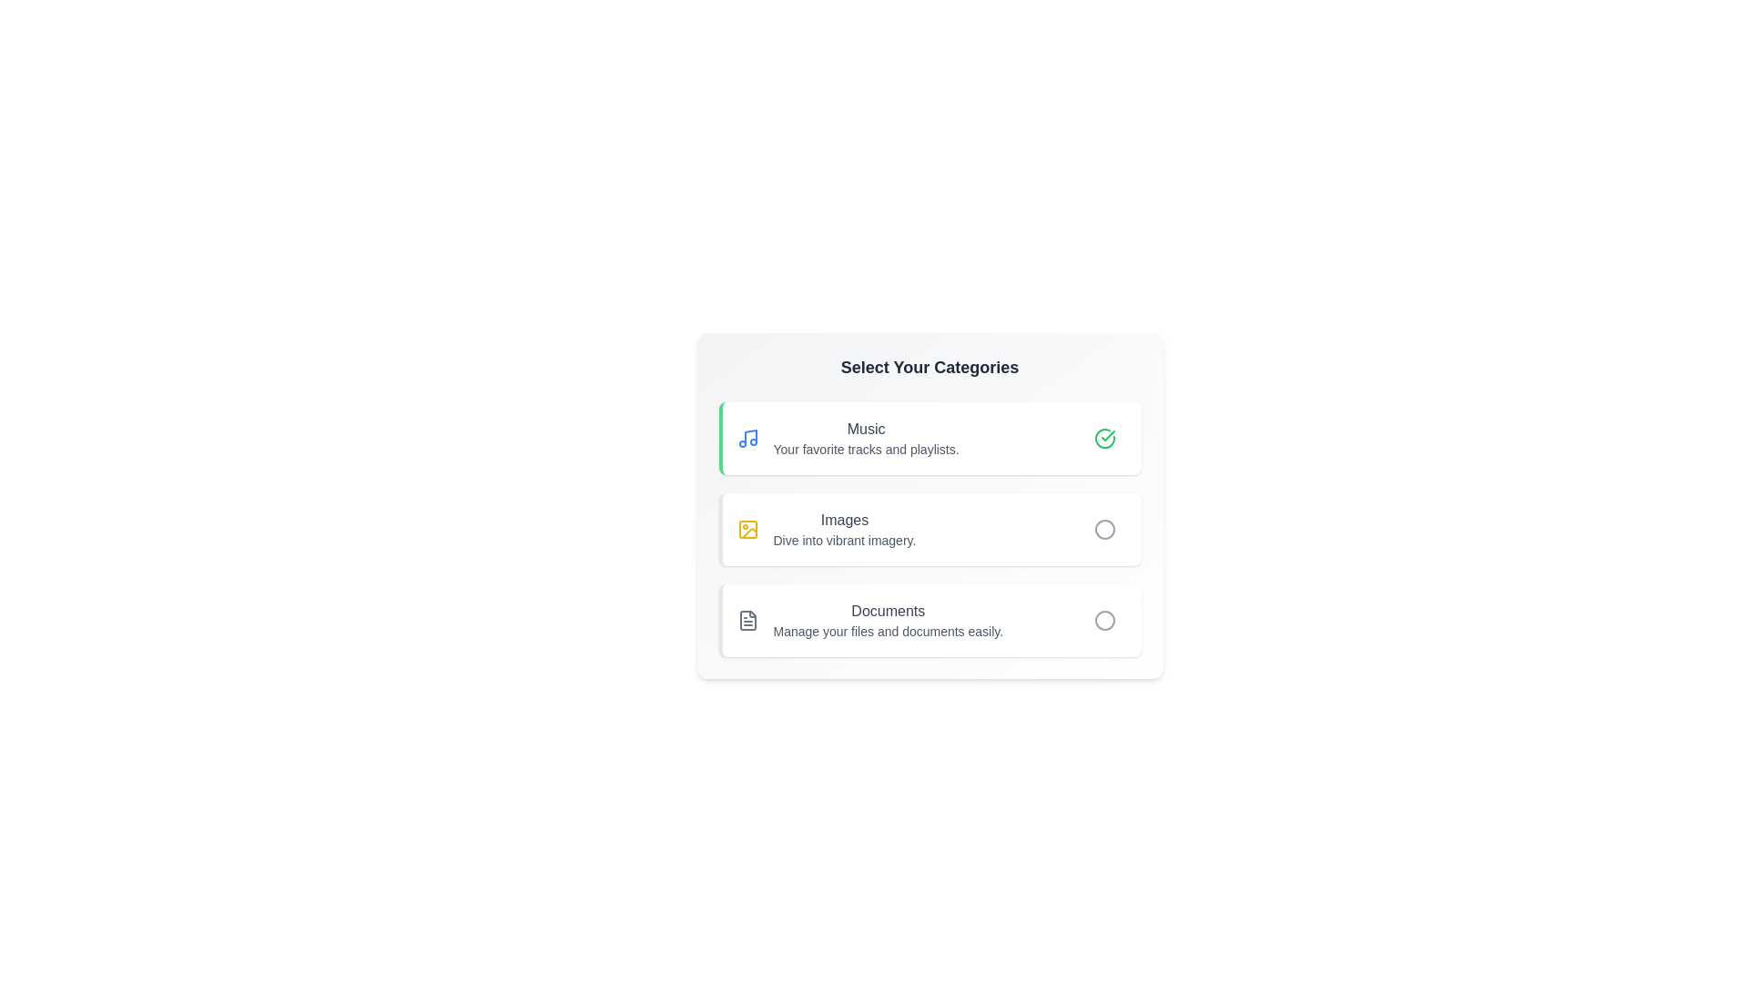 The width and height of the screenshot is (1748, 983). What do you see at coordinates (838, 620) in the screenshot?
I see `the category Documents to view its details` at bounding box center [838, 620].